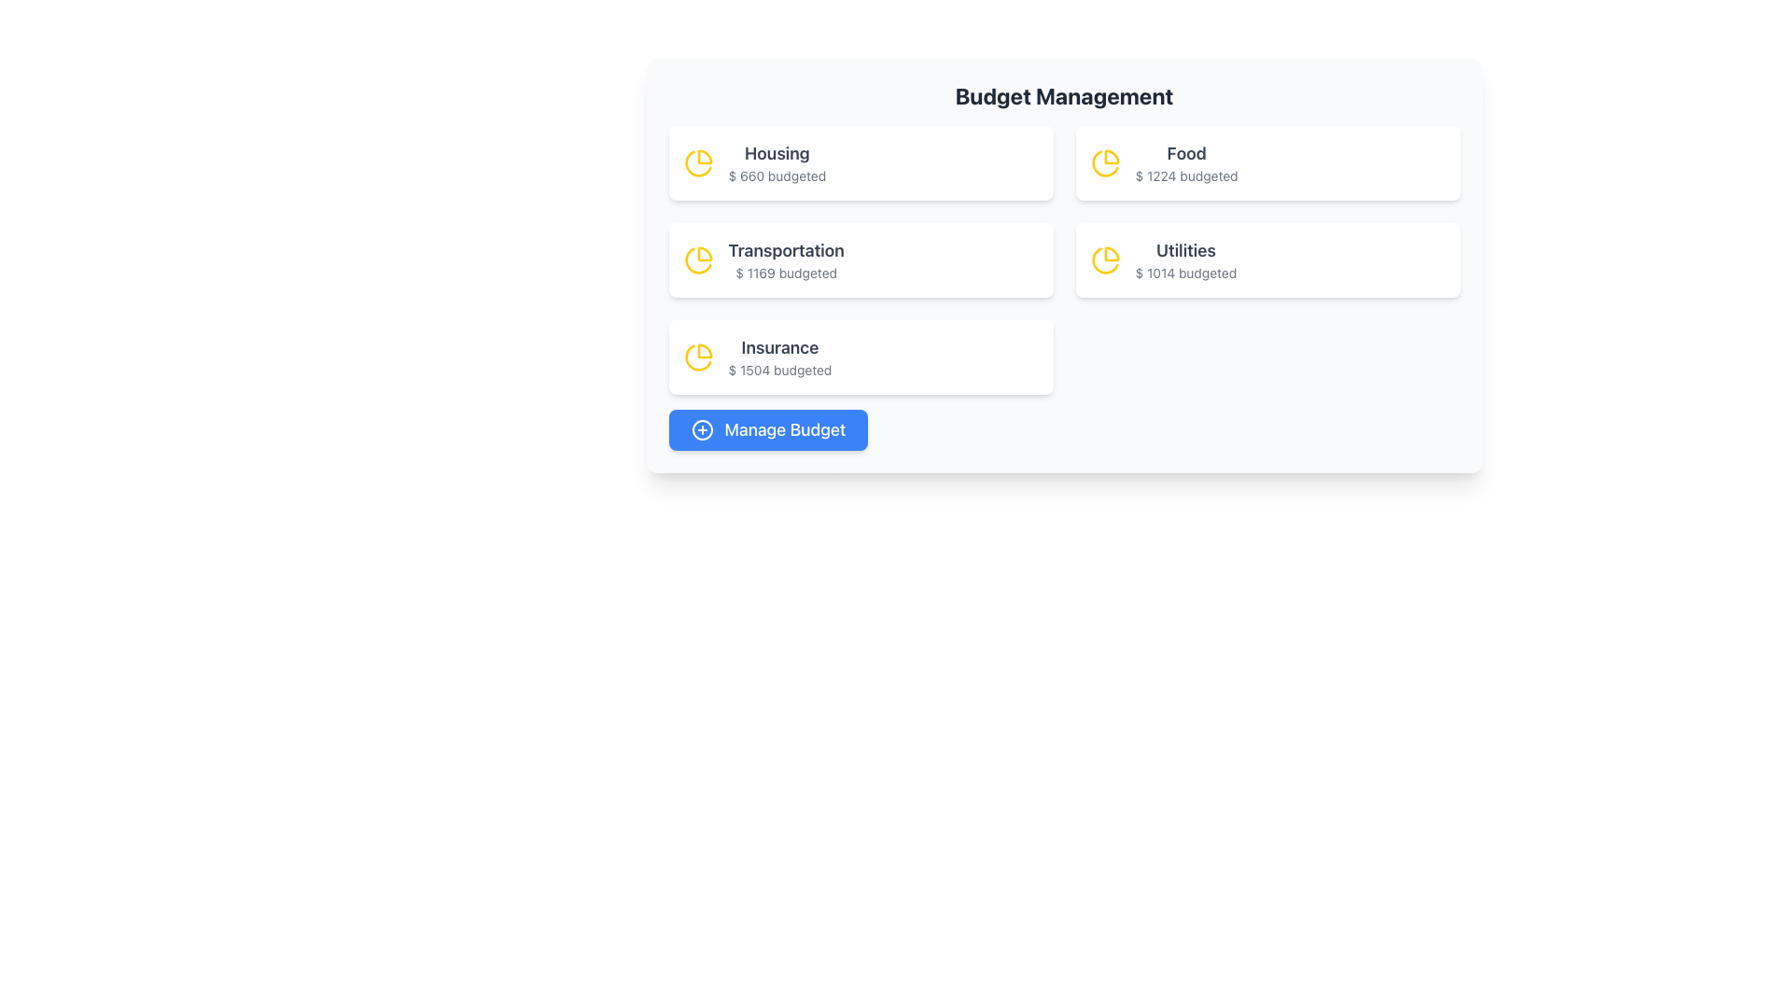  Describe the element at coordinates (1267, 259) in the screenshot. I see `the 'Utilities' card element with a white background and rounded corners, which displays a budget of '$ 1014 budgeted' and is located in the second column and second row of the grid in the 'Budget Management' section` at that location.